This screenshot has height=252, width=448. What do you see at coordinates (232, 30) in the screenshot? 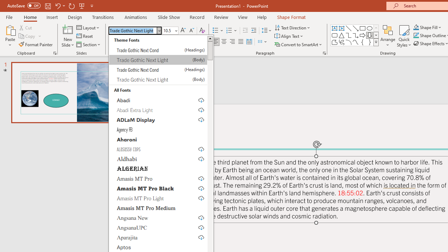
I see `'Numbering'` at bounding box center [232, 30].